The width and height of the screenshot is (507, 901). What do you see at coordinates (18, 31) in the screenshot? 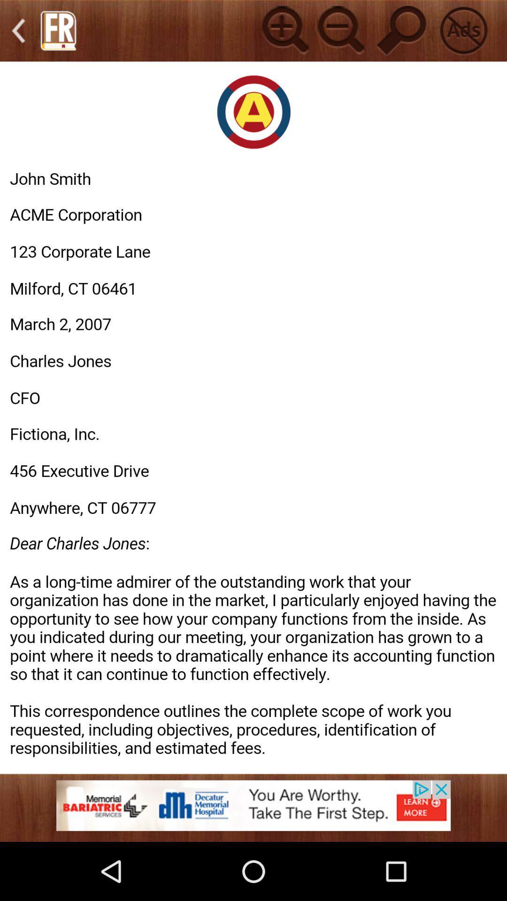
I see `go back` at bounding box center [18, 31].